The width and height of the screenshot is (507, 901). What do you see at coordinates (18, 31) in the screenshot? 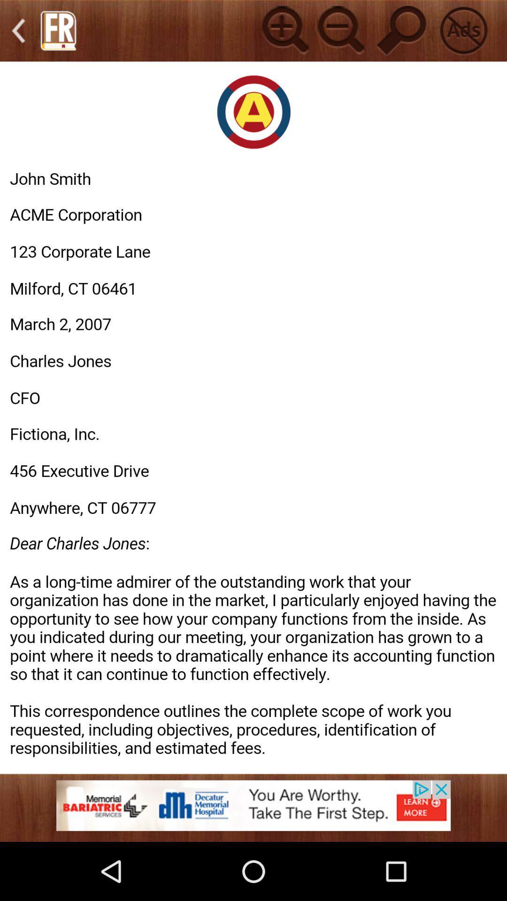
I see `go back` at bounding box center [18, 31].